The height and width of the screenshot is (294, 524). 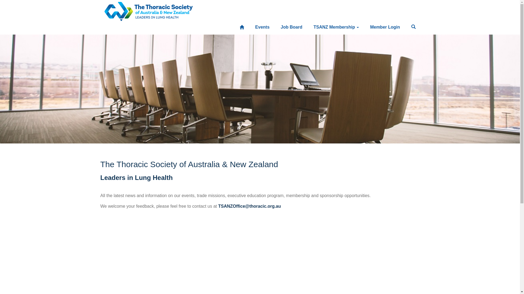 I want to click on 'TSANZ Membership', so click(x=336, y=27).